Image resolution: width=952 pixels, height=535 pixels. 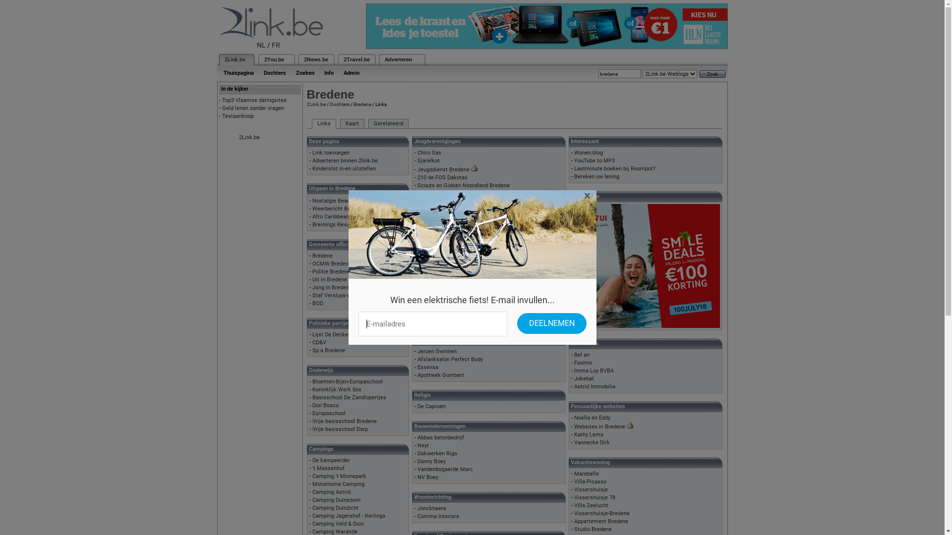 What do you see at coordinates (311, 153) in the screenshot?
I see `'Link toevoegen'` at bounding box center [311, 153].